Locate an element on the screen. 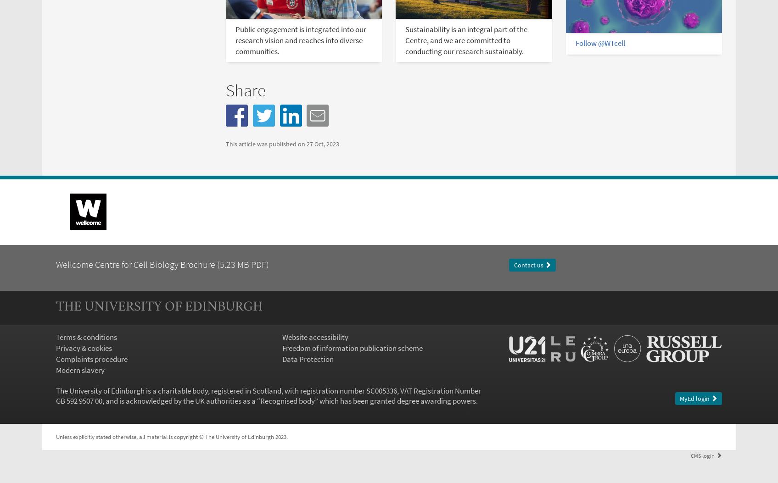  'Website accessibility' is located at coordinates (281, 336).